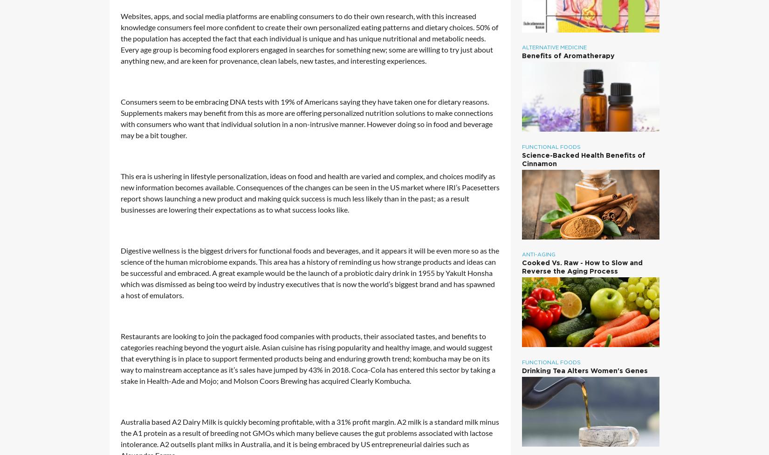 The image size is (769, 455). Describe the element at coordinates (584, 370) in the screenshot. I see `'Drinking Tea Alters Women's Genes'` at that location.